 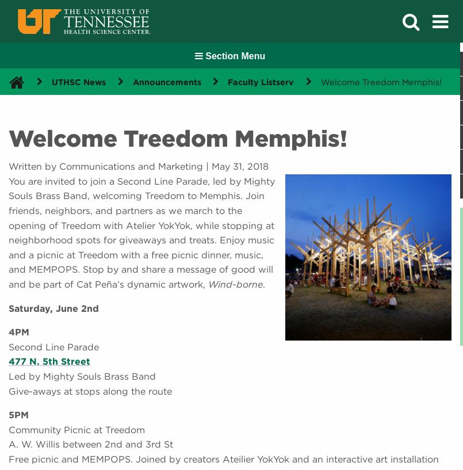 What do you see at coordinates (8, 346) in the screenshot?
I see `'Second Line Parade'` at bounding box center [8, 346].